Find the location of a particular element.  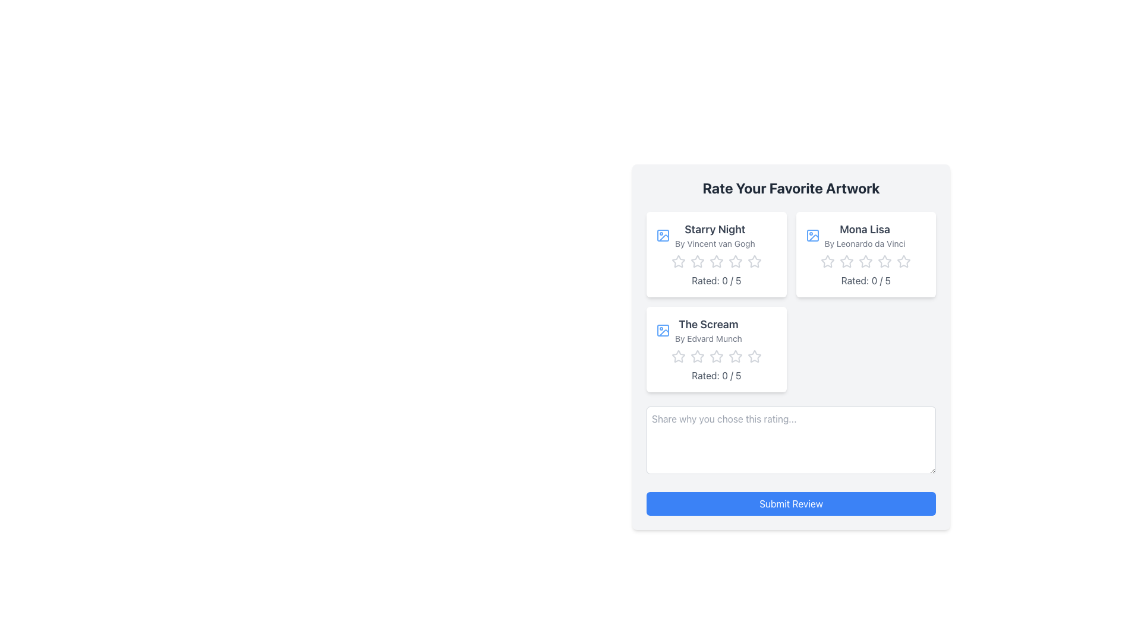

the text label that identifies the artwork 'Starry Night', located in the upper-left tile of a grid layout is located at coordinates (714, 229).